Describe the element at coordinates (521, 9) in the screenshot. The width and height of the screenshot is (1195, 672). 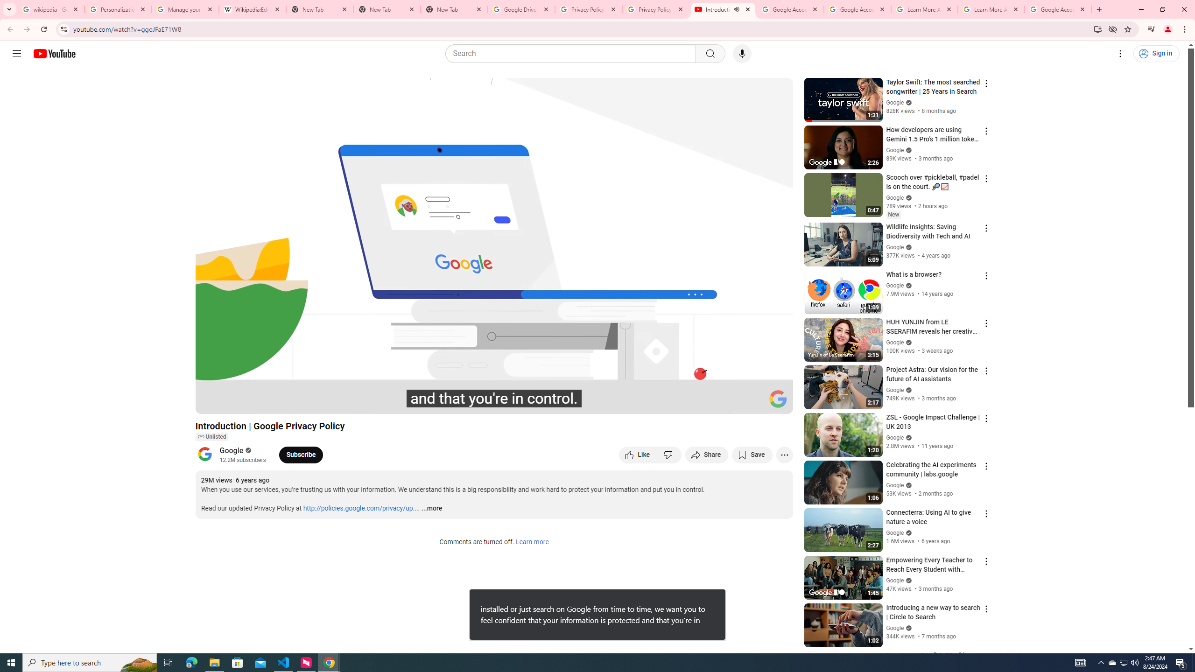
I see `'Google Drive: Sign-in'` at that location.